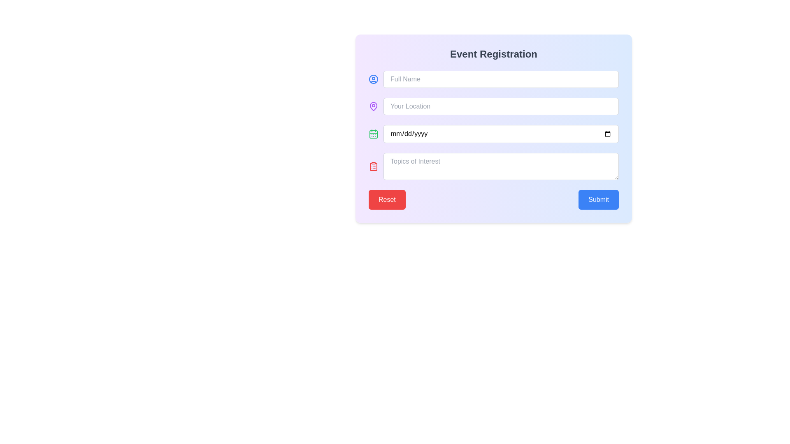  I want to click on the green calendar icon located to the immediate left of the date input field labeled 'mm/dd/yyyy' to read the tooltip, so click(373, 134).